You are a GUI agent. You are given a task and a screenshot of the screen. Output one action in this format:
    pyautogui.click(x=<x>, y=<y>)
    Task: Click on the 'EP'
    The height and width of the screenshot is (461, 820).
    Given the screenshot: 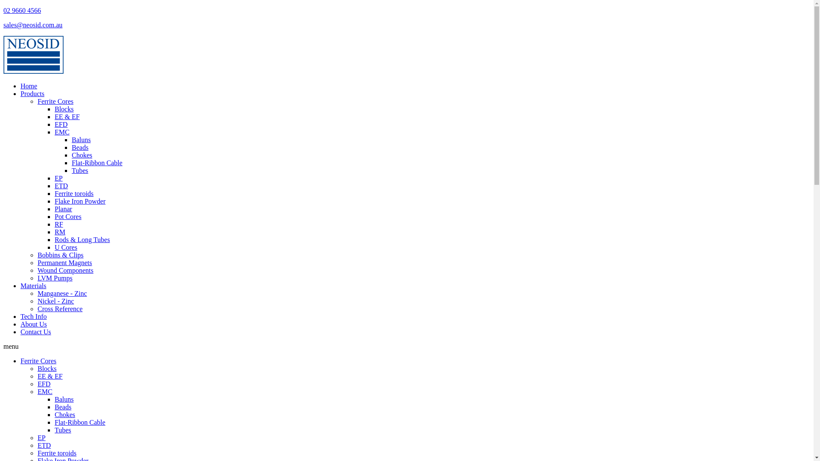 What is the action you would take?
    pyautogui.click(x=58, y=178)
    